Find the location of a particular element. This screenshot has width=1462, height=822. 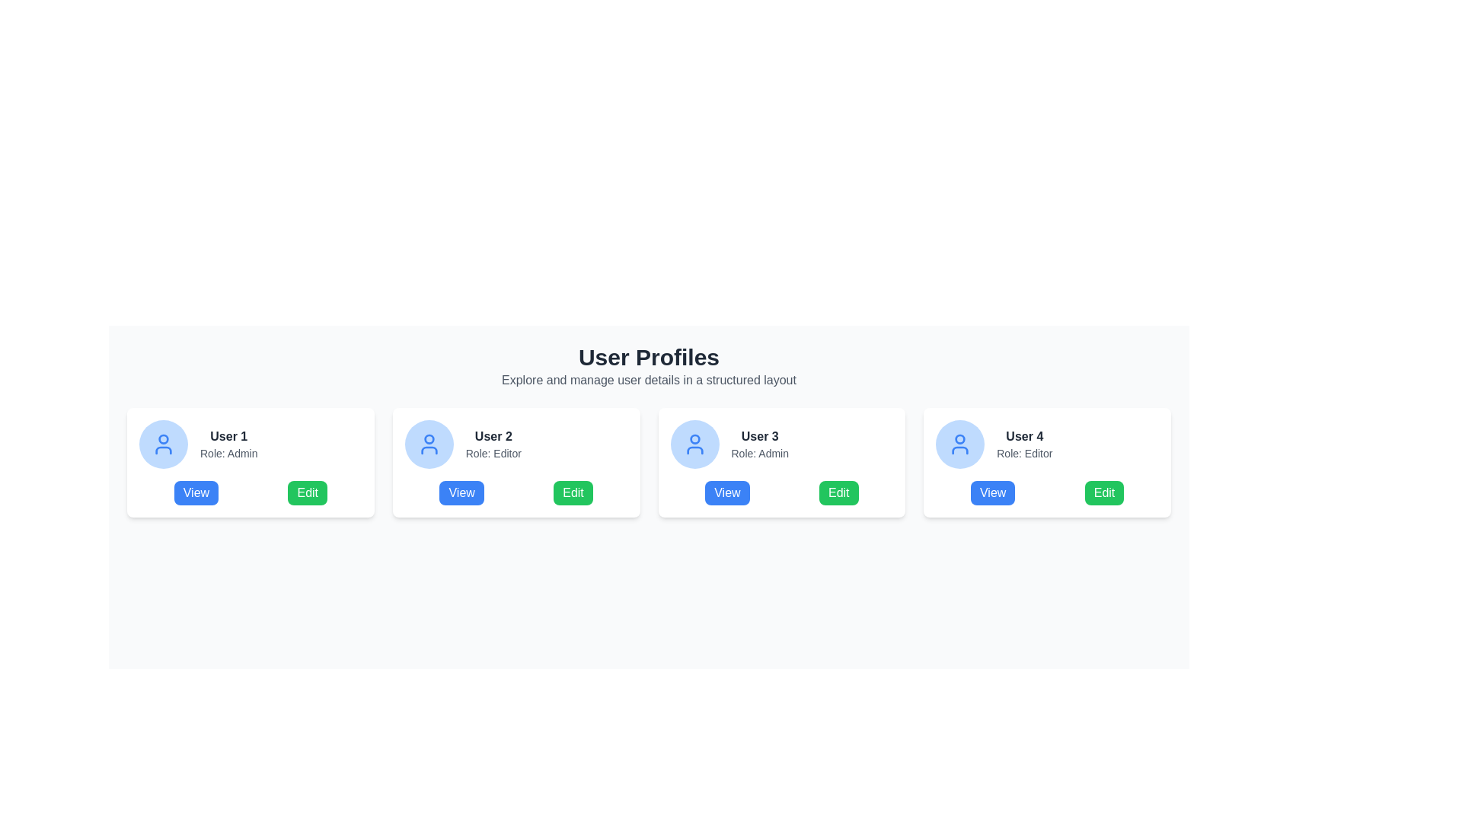

the 'Edit' button with a green background and white text located in the fourth user profile card is located at coordinates (1104, 493).